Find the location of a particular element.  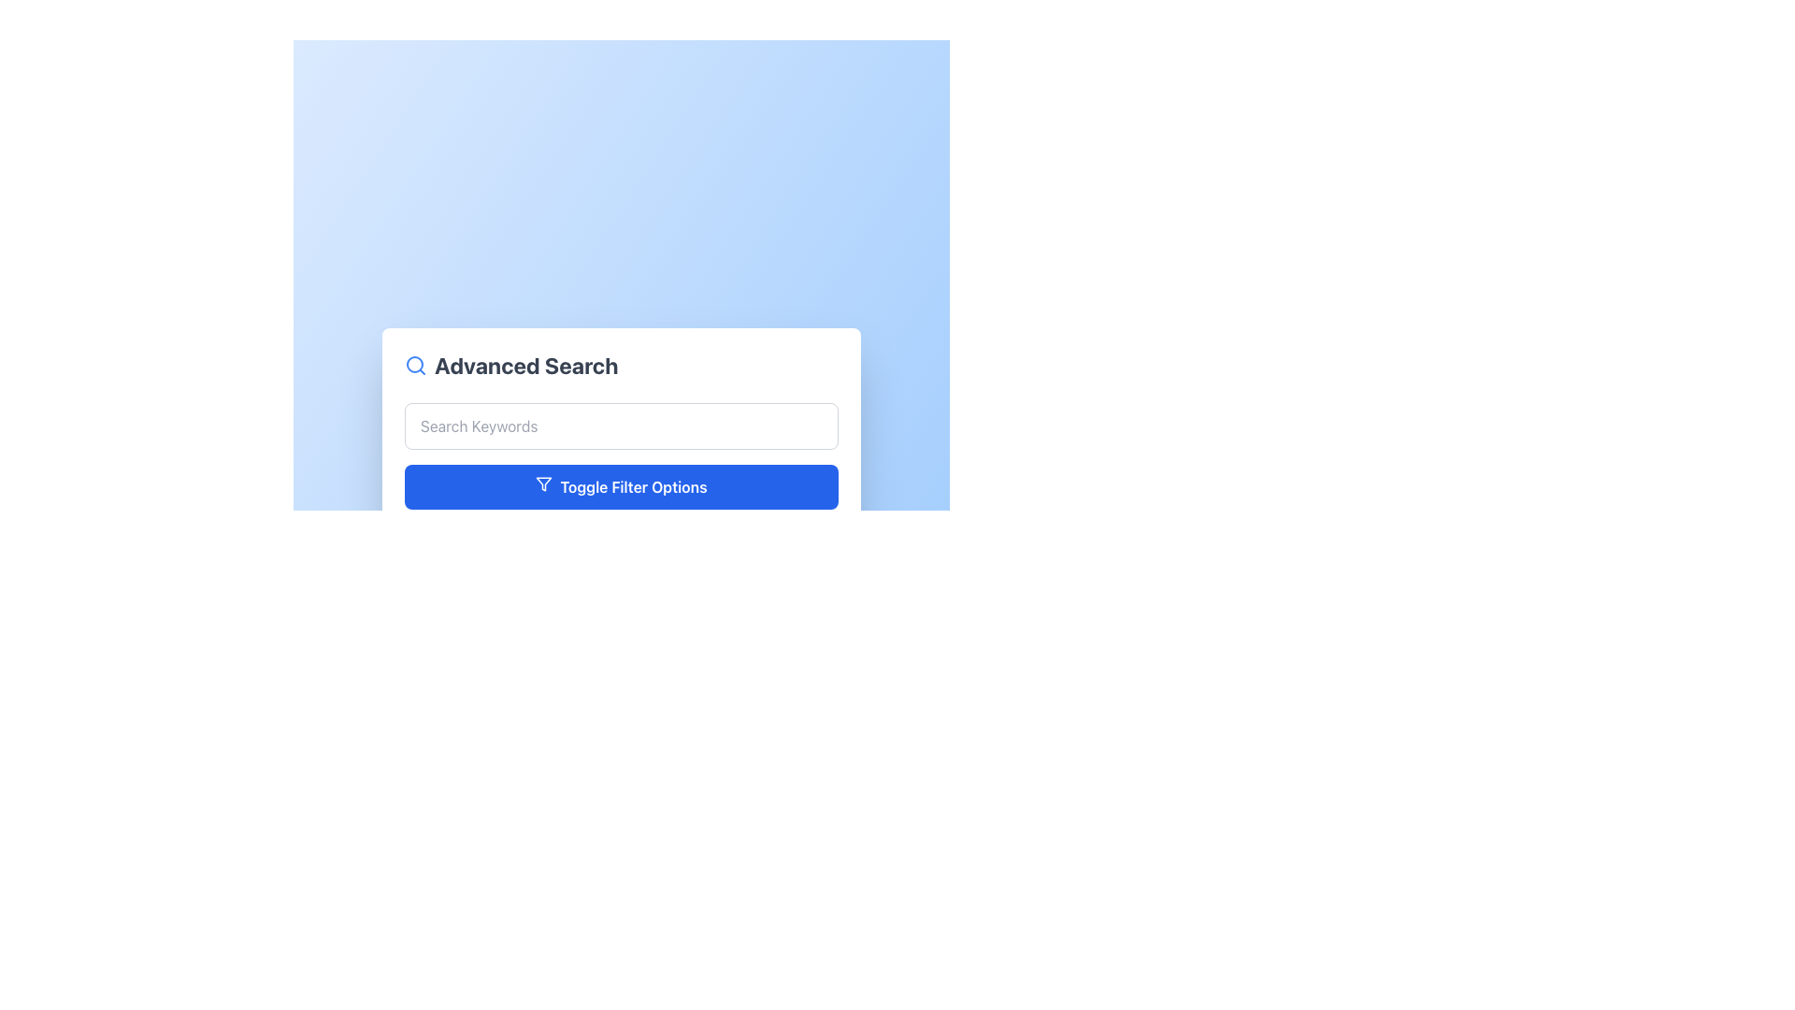

the blue magnifying glass icon located to the left of the 'Advanced Search' text in the header block of the interface is located at coordinates (415, 365).